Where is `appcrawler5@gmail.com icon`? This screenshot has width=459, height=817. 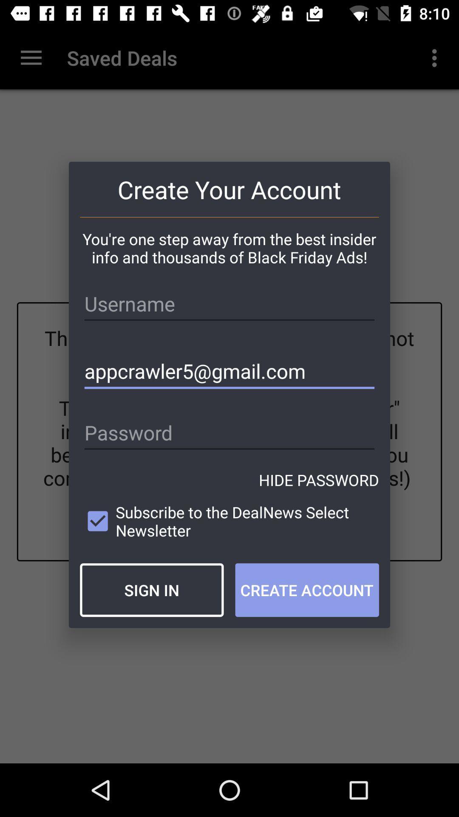
appcrawler5@gmail.com icon is located at coordinates (229, 371).